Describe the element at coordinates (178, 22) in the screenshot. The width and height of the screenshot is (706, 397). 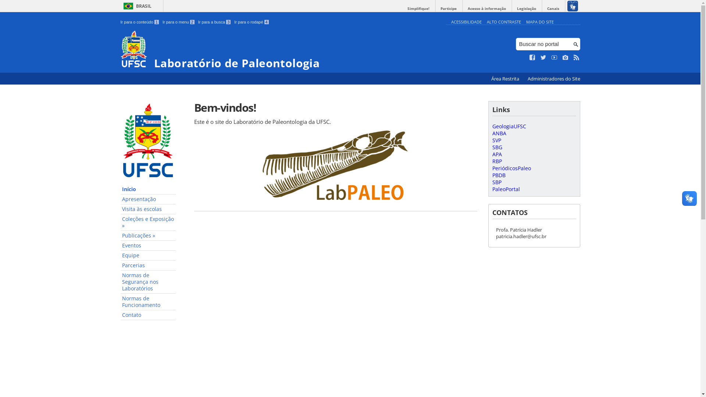
I see `'Ir para o menu 2'` at that location.